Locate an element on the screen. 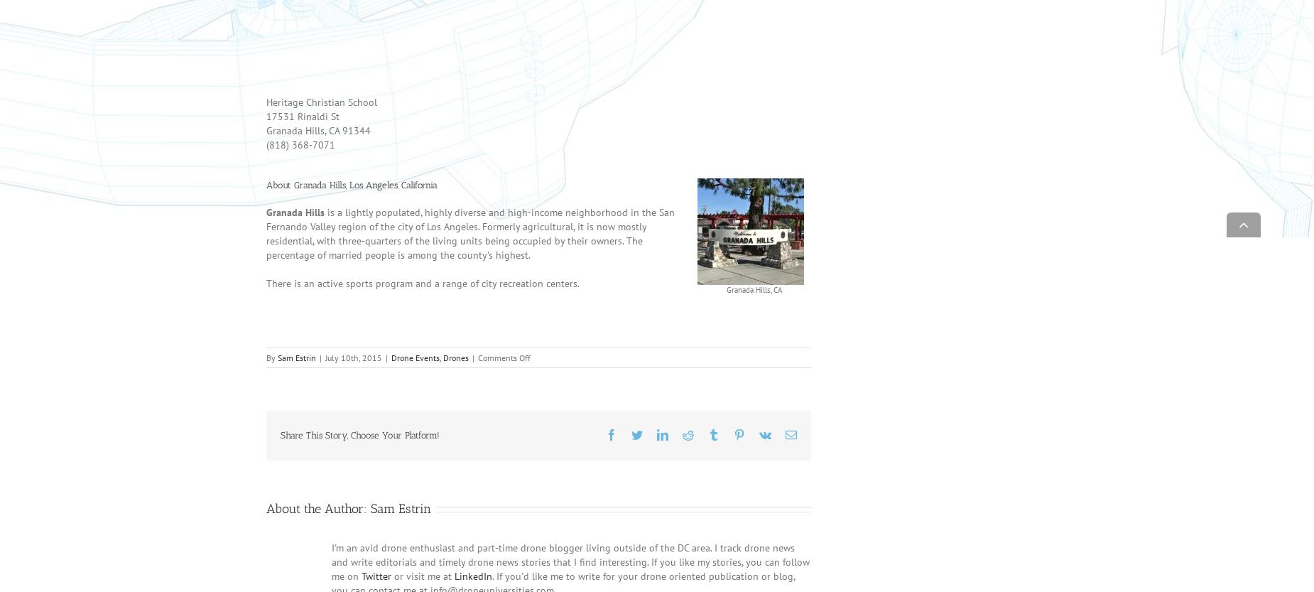  '17531 Rinaldi St' is located at coordinates (302, 135).